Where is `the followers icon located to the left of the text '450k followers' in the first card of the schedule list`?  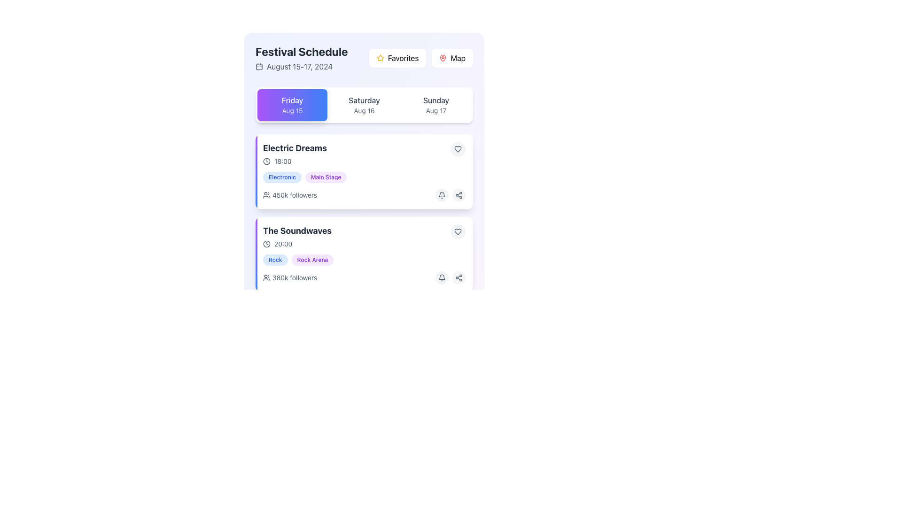
the followers icon located to the left of the text '450k followers' in the first card of the schedule list is located at coordinates (266, 195).